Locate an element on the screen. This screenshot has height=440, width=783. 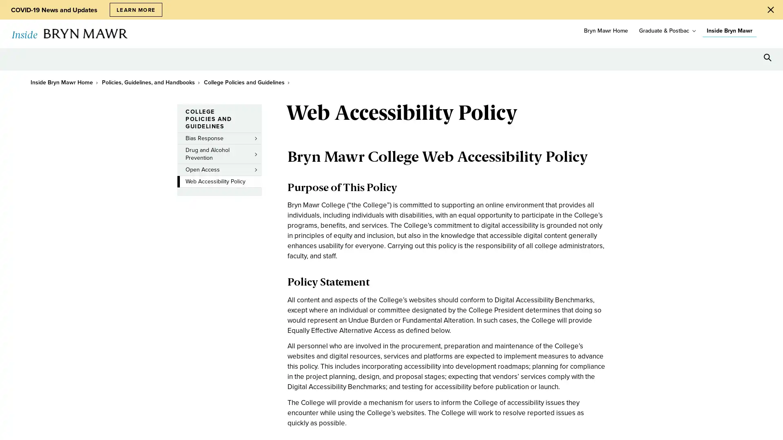
Graduate & Postbac is located at coordinates (664, 30).